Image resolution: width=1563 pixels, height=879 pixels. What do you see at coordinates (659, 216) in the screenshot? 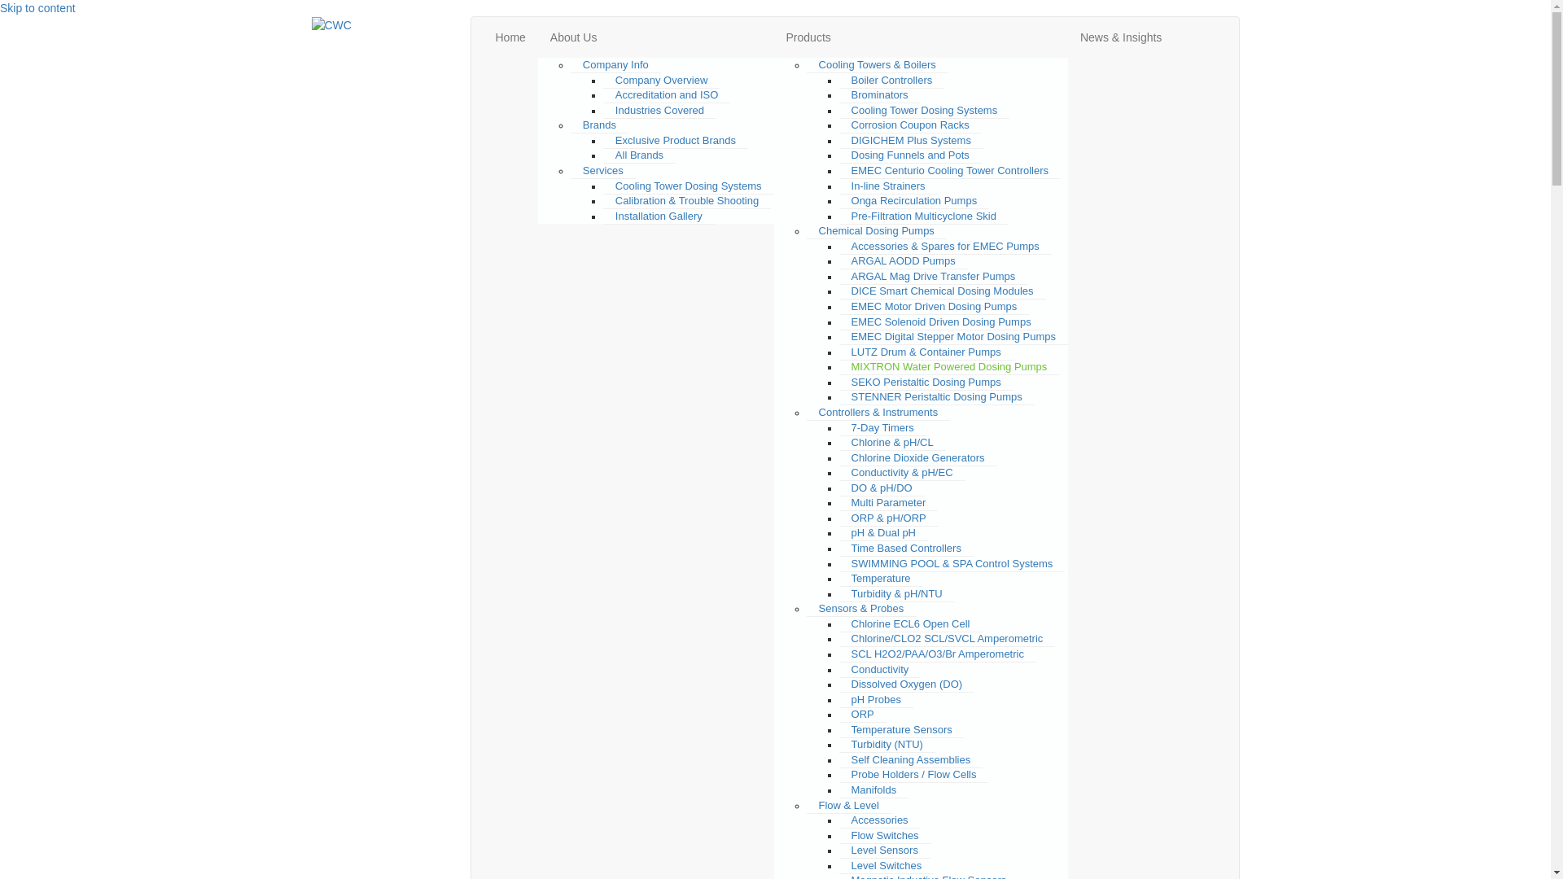
I see `'Installation Gallery'` at bounding box center [659, 216].